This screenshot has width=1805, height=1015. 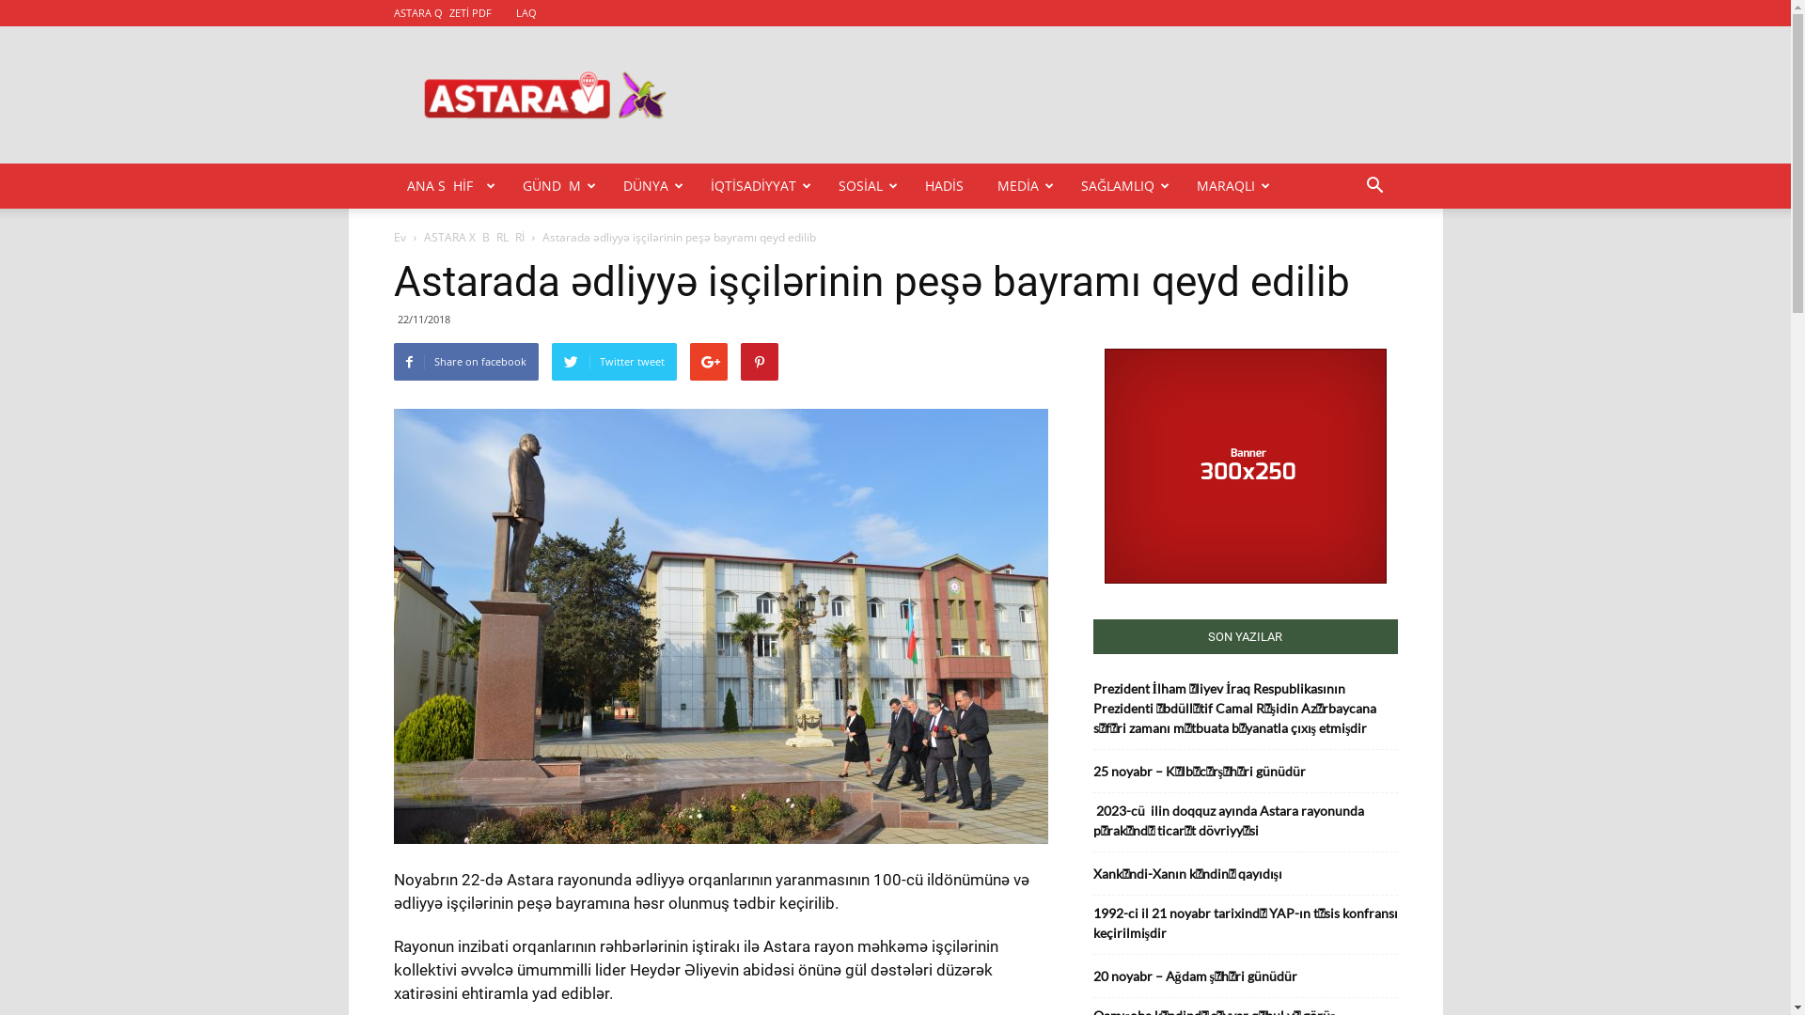 I want to click on 'Ev', so click(x=398, y=236).